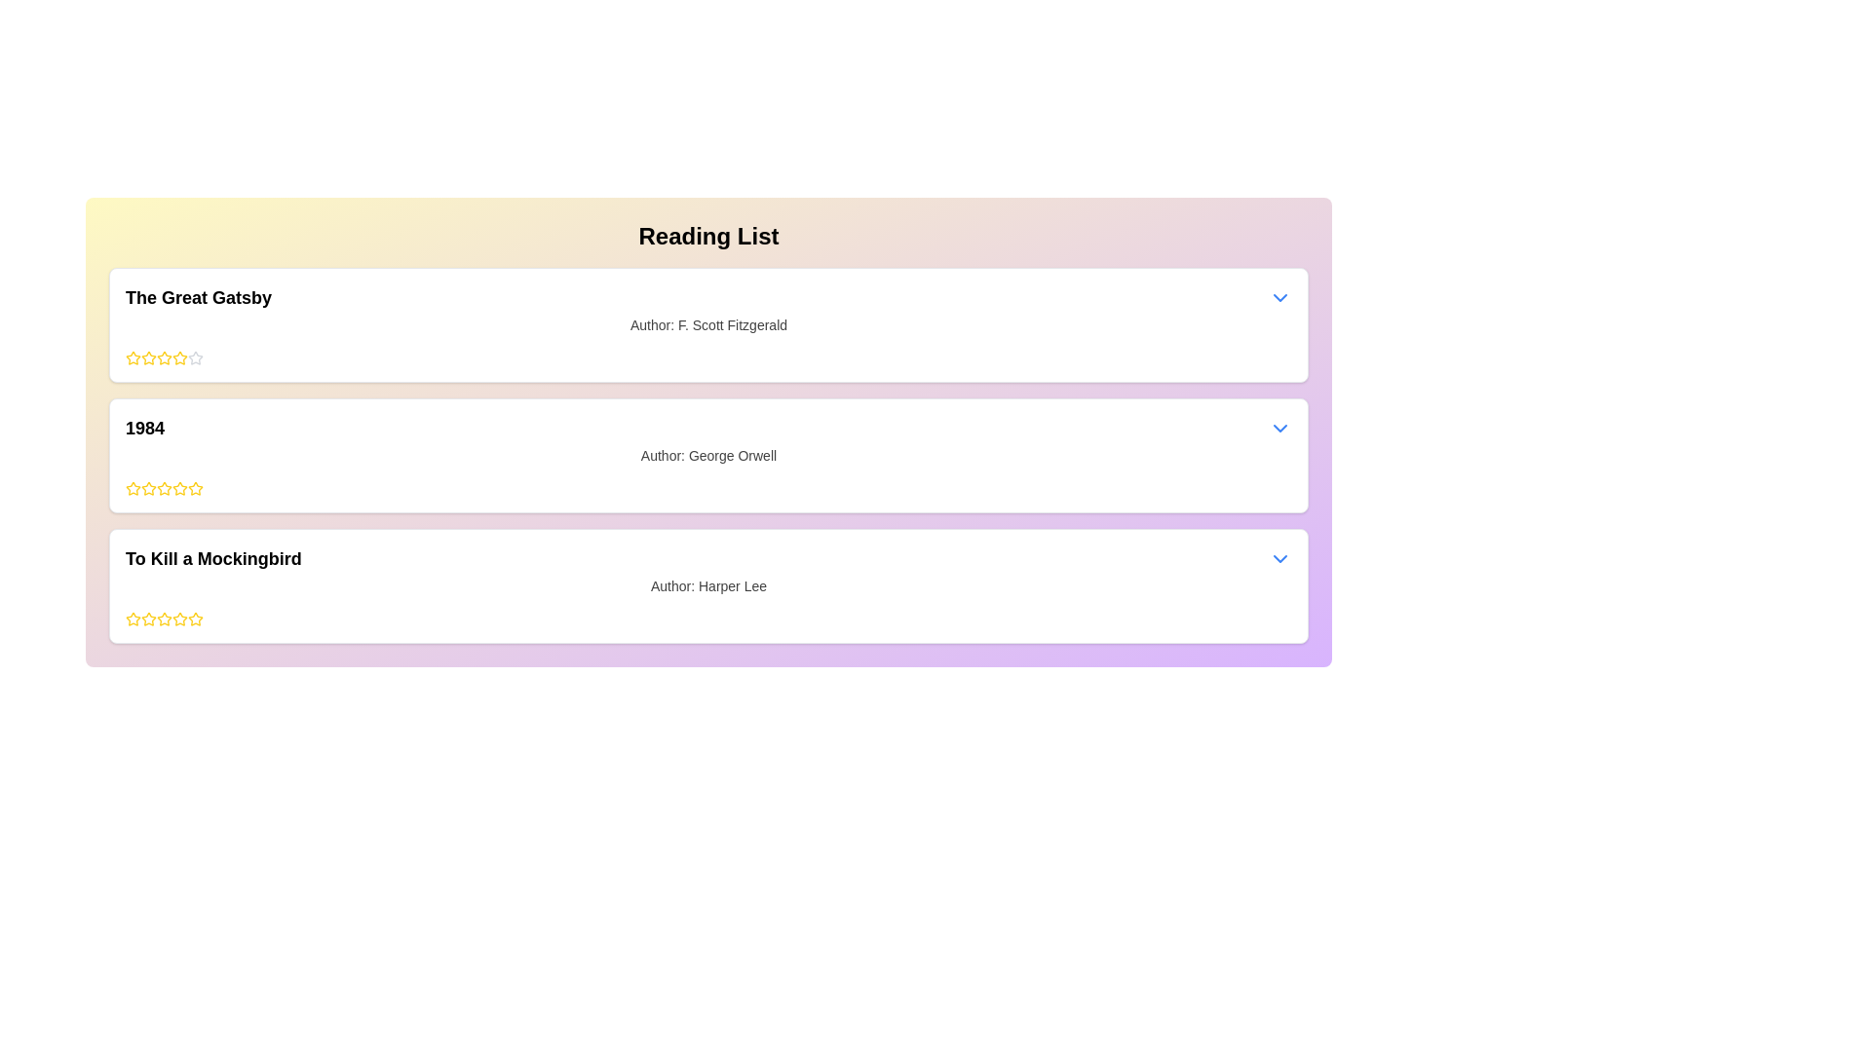  I want to click on the fourth star in the 5-star rating system for the book 'The Great Gatsby' to rate it, so click(164, 357).